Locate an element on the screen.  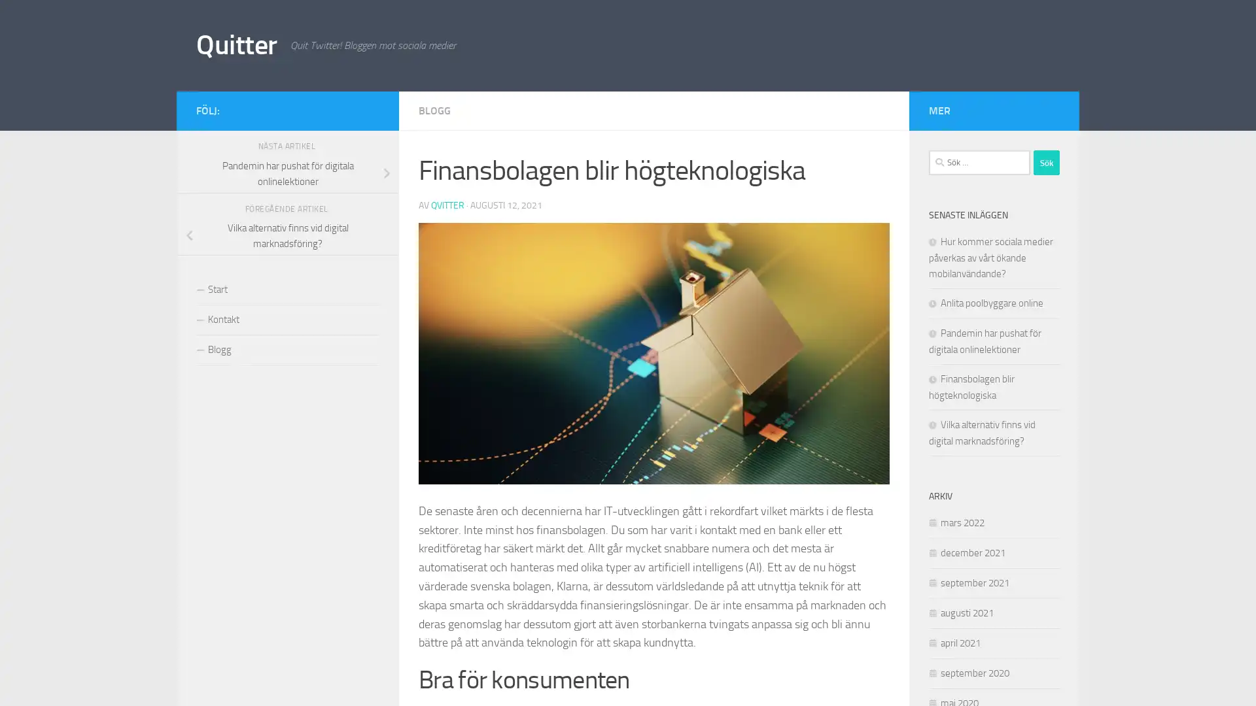
Sok is located at coordinates (1045, 162).